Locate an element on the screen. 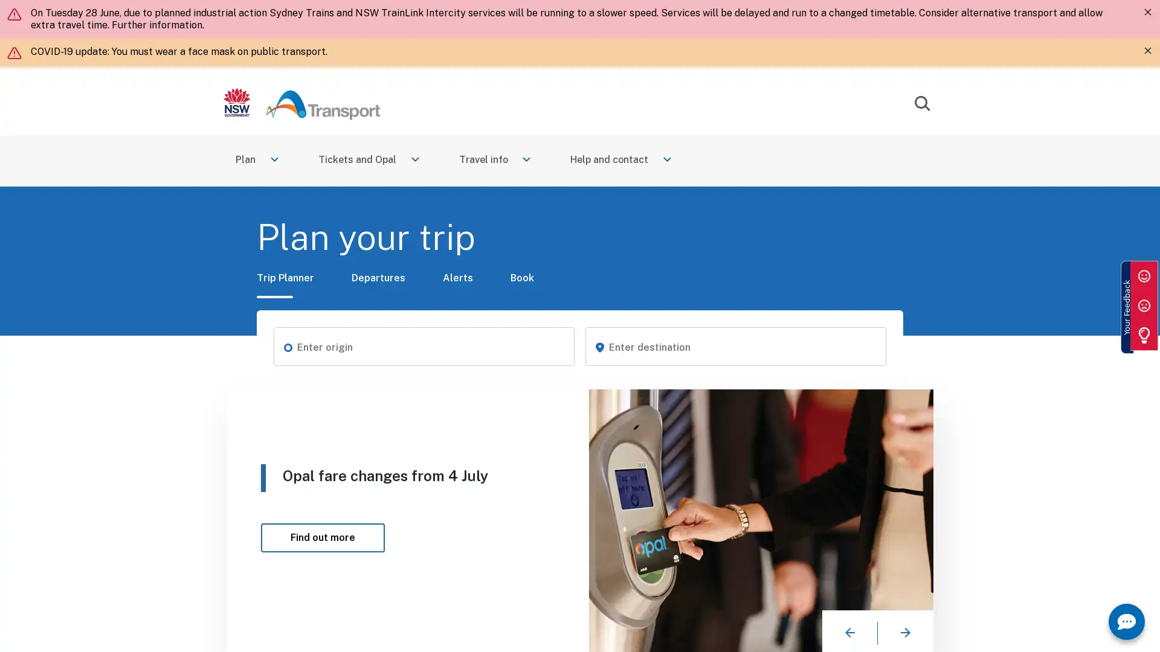 Image resolution: width=1160 pixels, height=652 pixels. Search is located at coordinates (921, 103).